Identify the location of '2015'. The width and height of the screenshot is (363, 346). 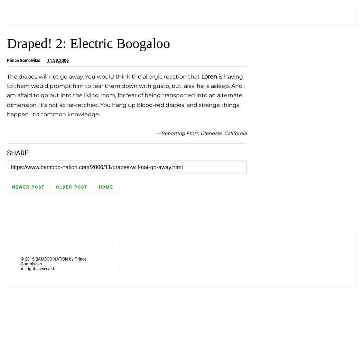
(29, 259).